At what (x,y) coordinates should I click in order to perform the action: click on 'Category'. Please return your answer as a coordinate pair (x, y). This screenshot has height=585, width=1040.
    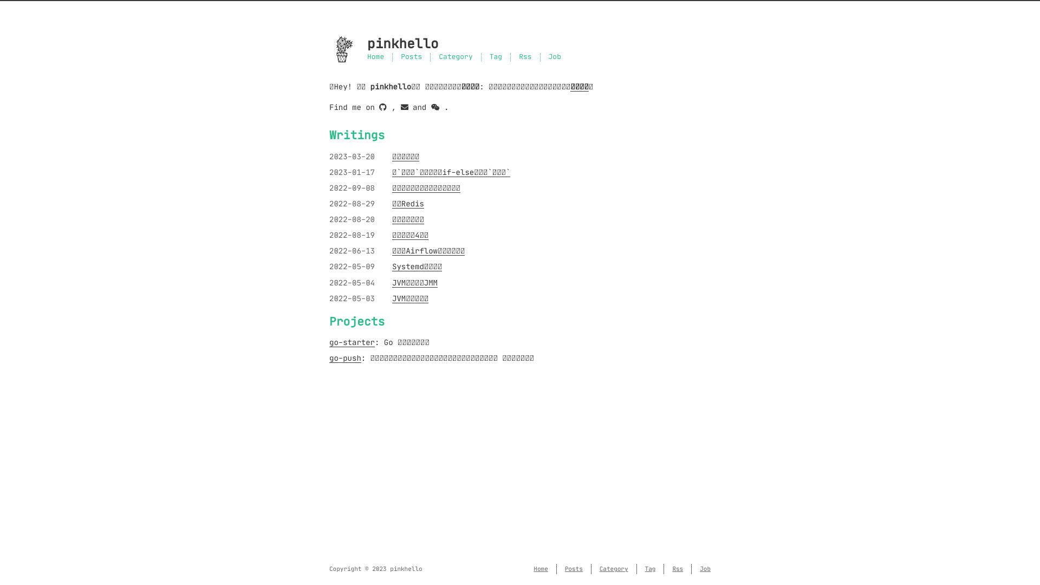
    Looking at the image, I should click on (614, 568).